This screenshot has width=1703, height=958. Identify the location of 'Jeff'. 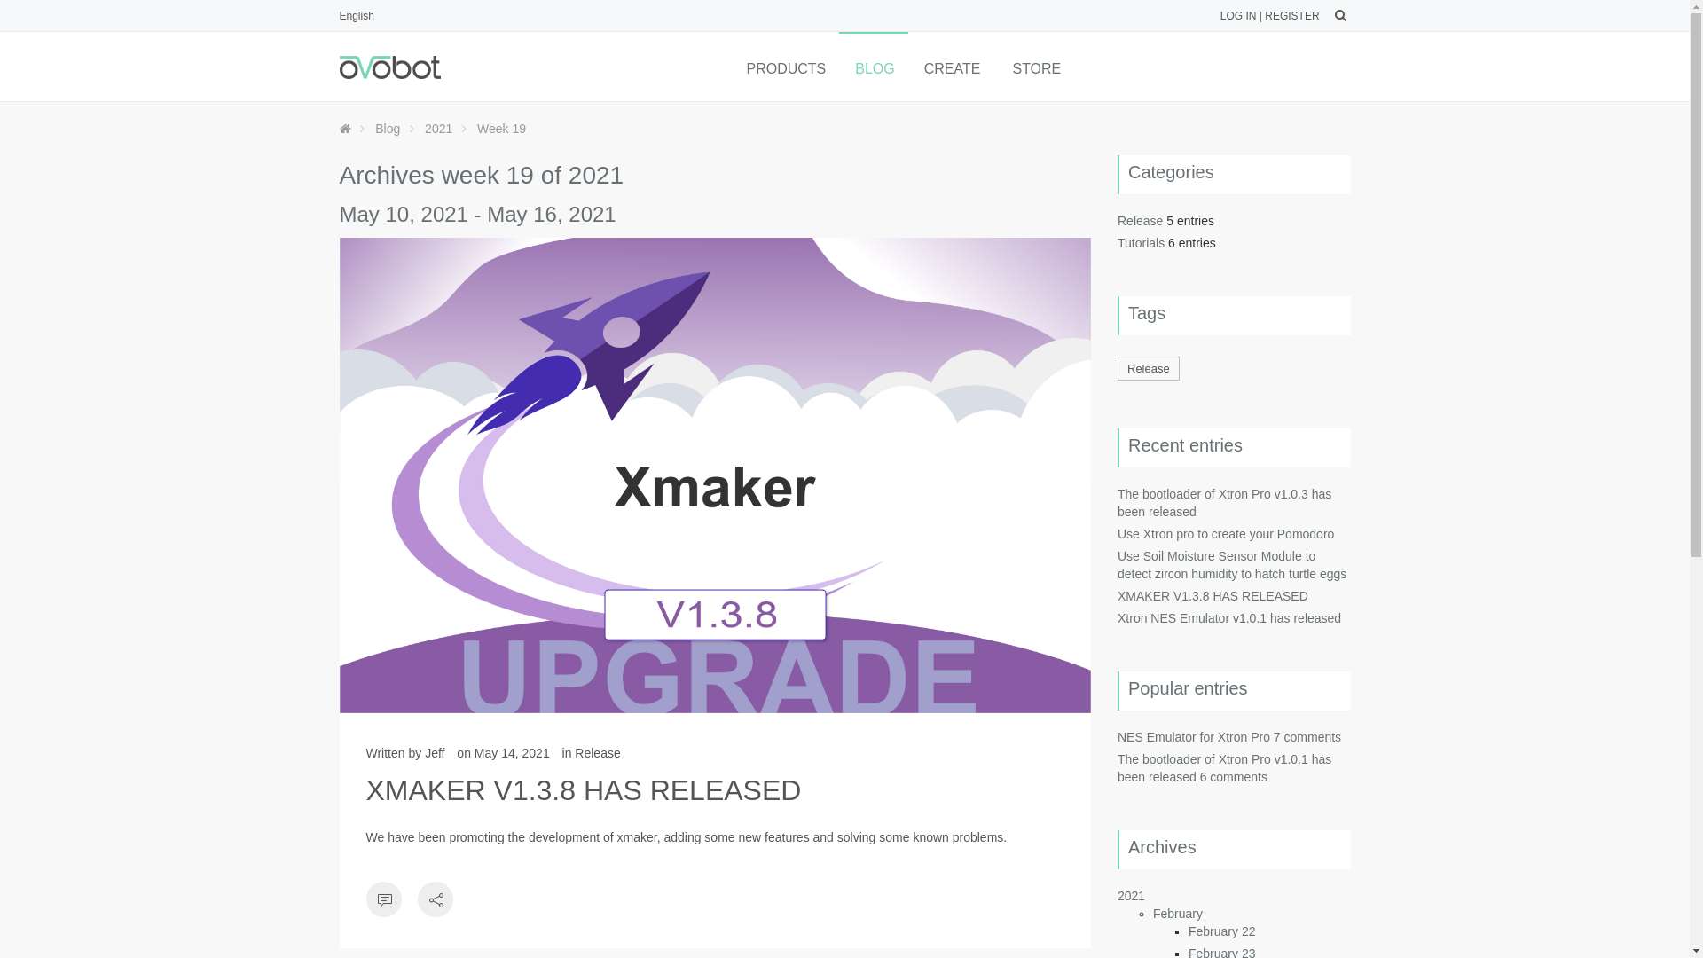
(434, 752).